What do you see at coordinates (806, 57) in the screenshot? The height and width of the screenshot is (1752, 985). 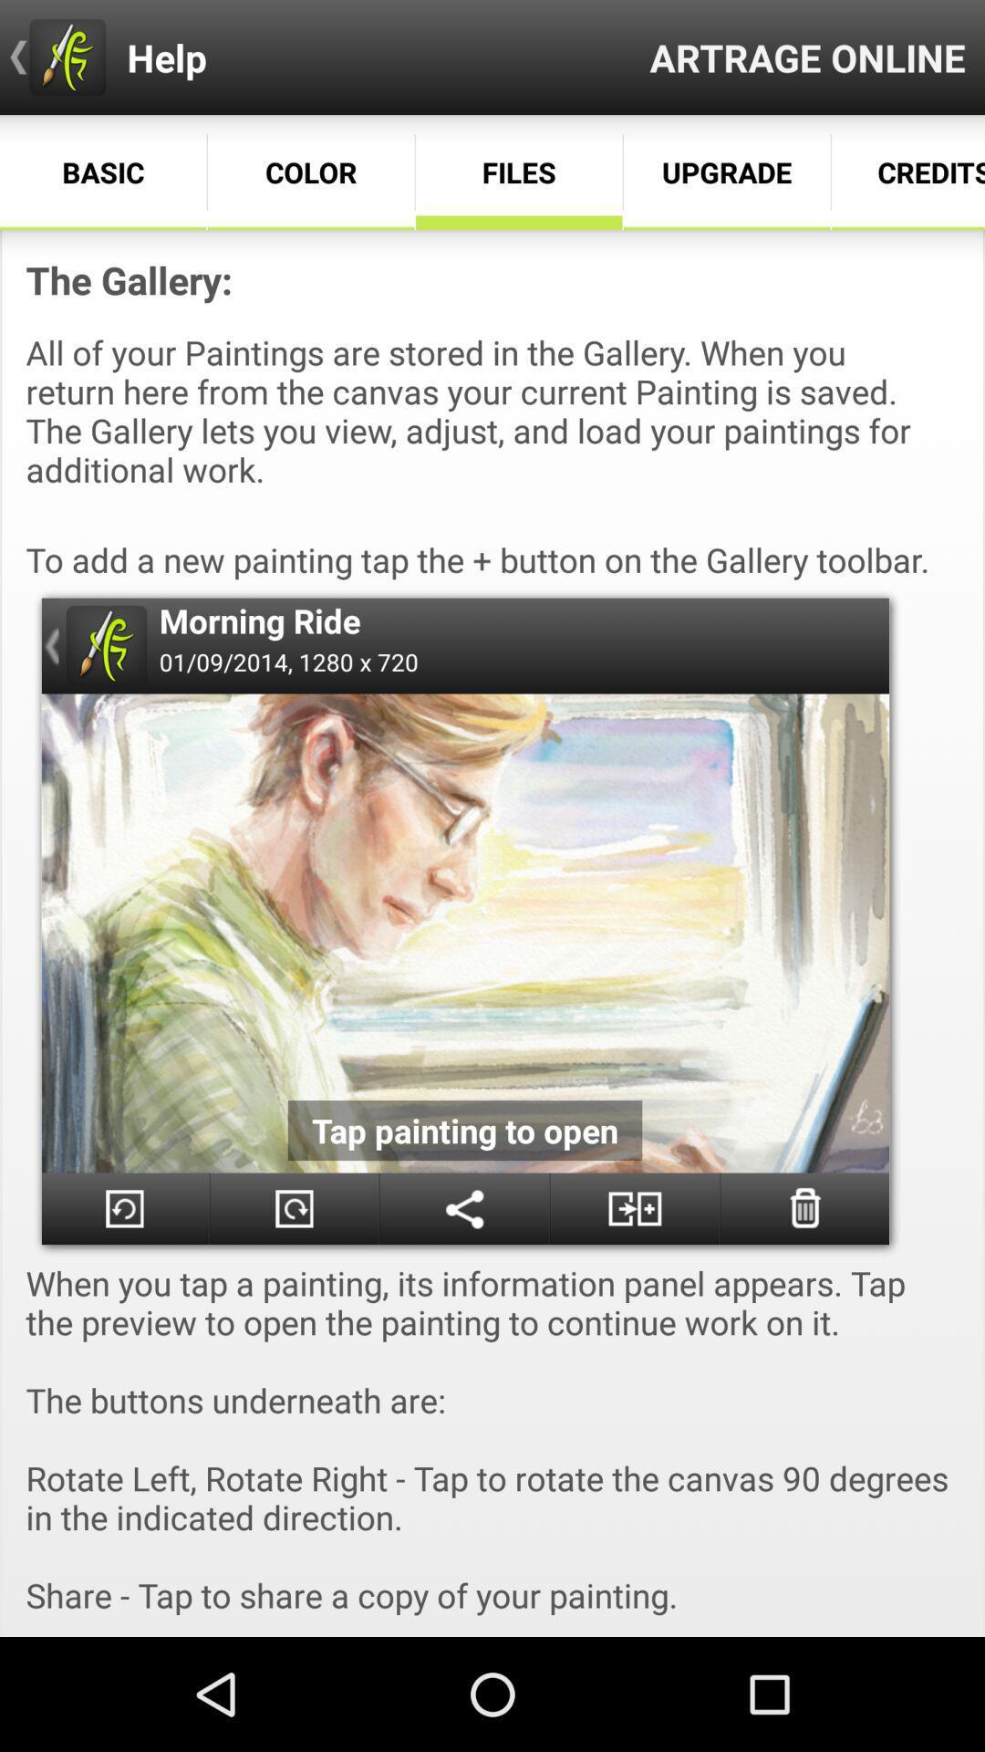 I see `item to the right of the help icon` at bounding box center [806, 57].